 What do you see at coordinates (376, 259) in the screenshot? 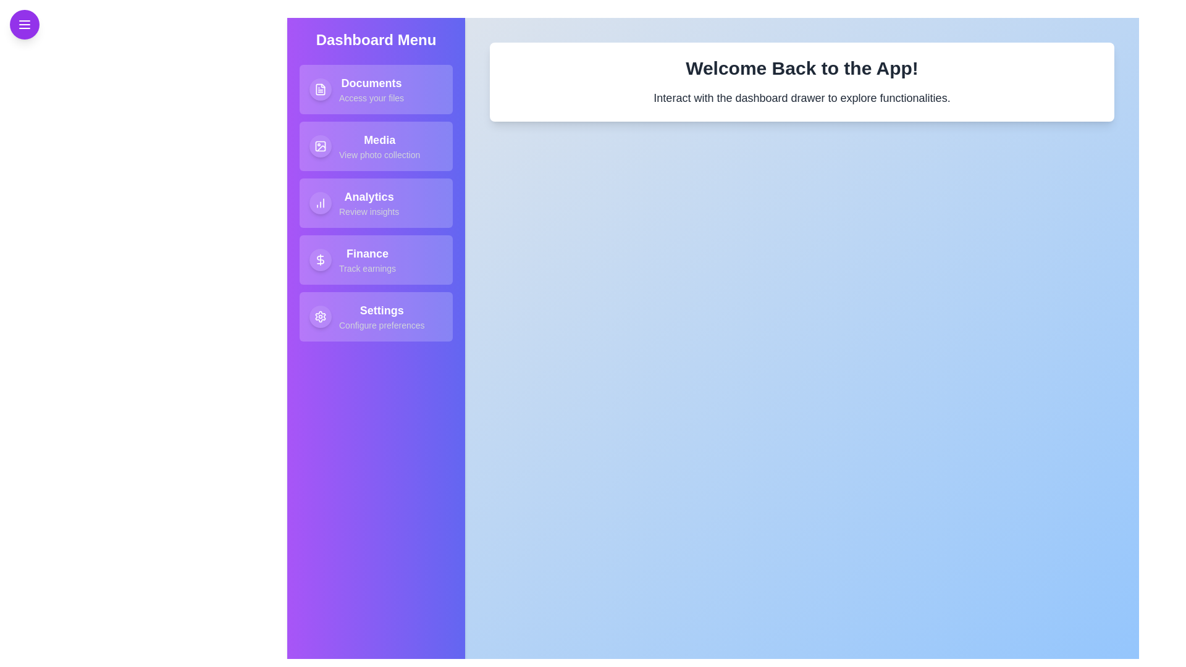
I see `the Finance item in the drawer to access its functionality` at bounding box center [376, 259].